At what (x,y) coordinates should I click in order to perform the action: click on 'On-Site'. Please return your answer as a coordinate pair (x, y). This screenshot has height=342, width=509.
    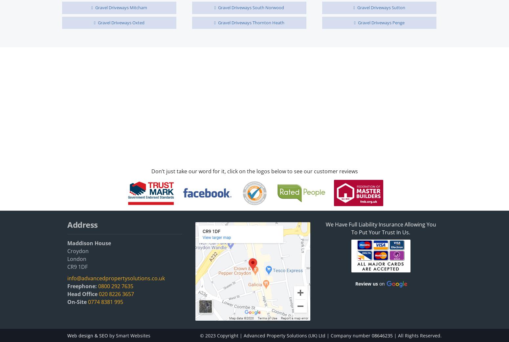
    Looking at the image, I should click on (77, 301).